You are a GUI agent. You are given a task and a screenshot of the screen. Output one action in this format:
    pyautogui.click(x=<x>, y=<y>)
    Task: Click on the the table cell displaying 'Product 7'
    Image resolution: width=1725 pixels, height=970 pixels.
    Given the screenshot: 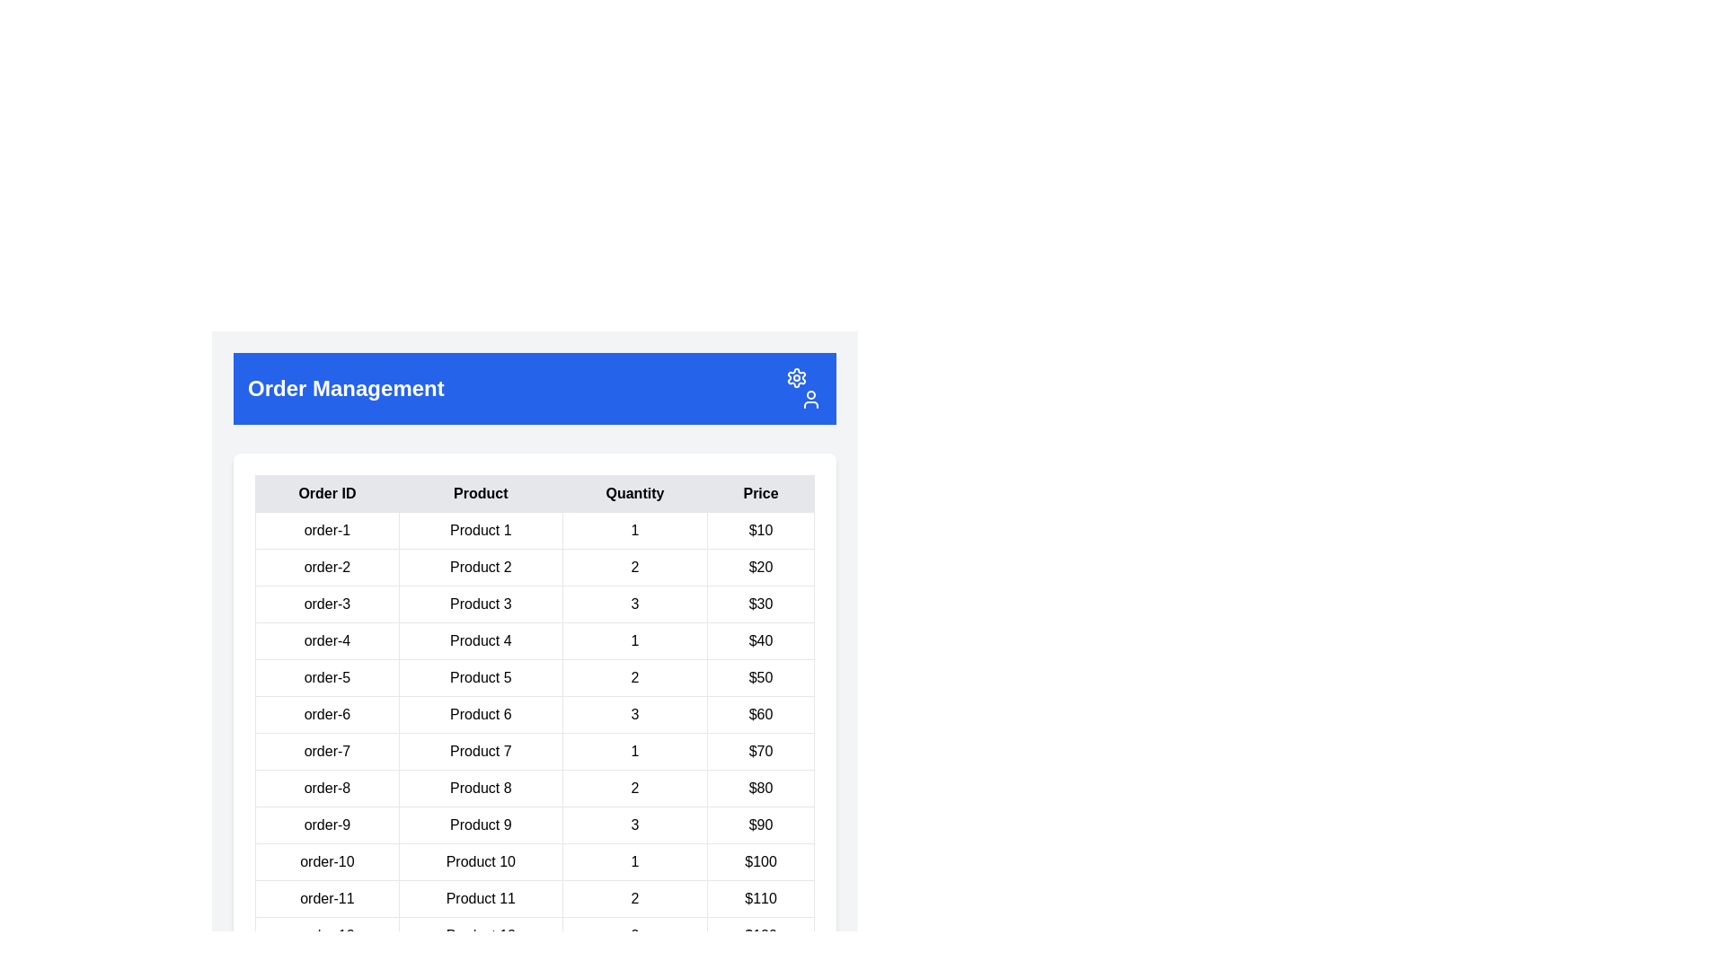 What is the action you would take?
    pyautogui.click(x=481, y=752)
    